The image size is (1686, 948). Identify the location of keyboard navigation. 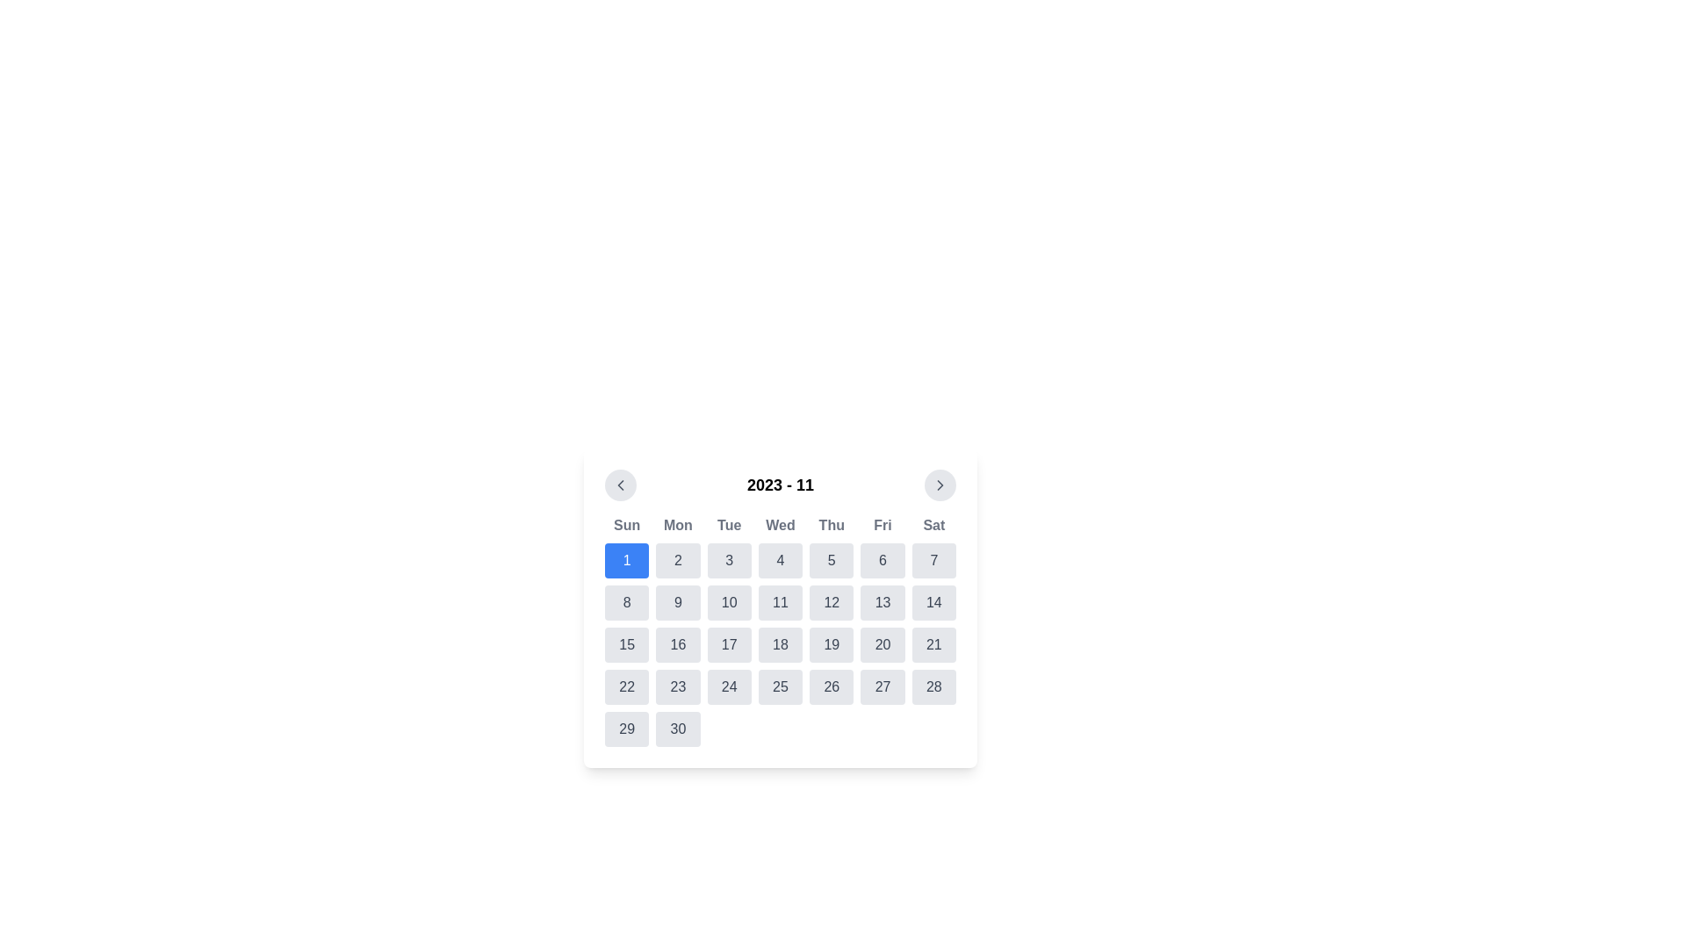
(729, 561).